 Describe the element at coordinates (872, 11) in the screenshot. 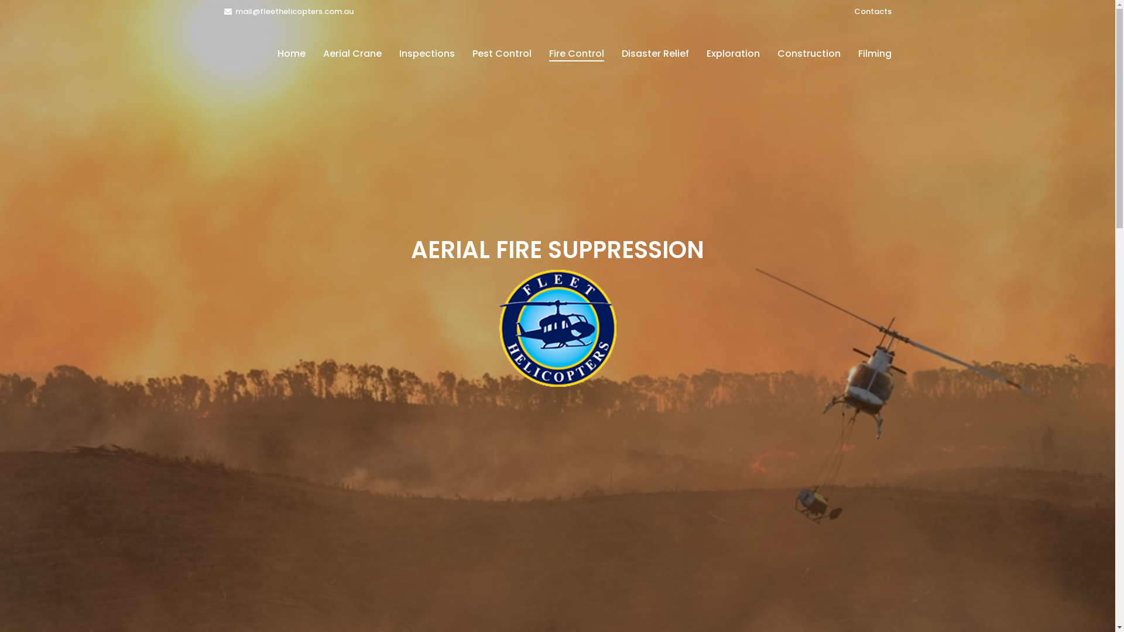

I see `'Contacts'` at that location.